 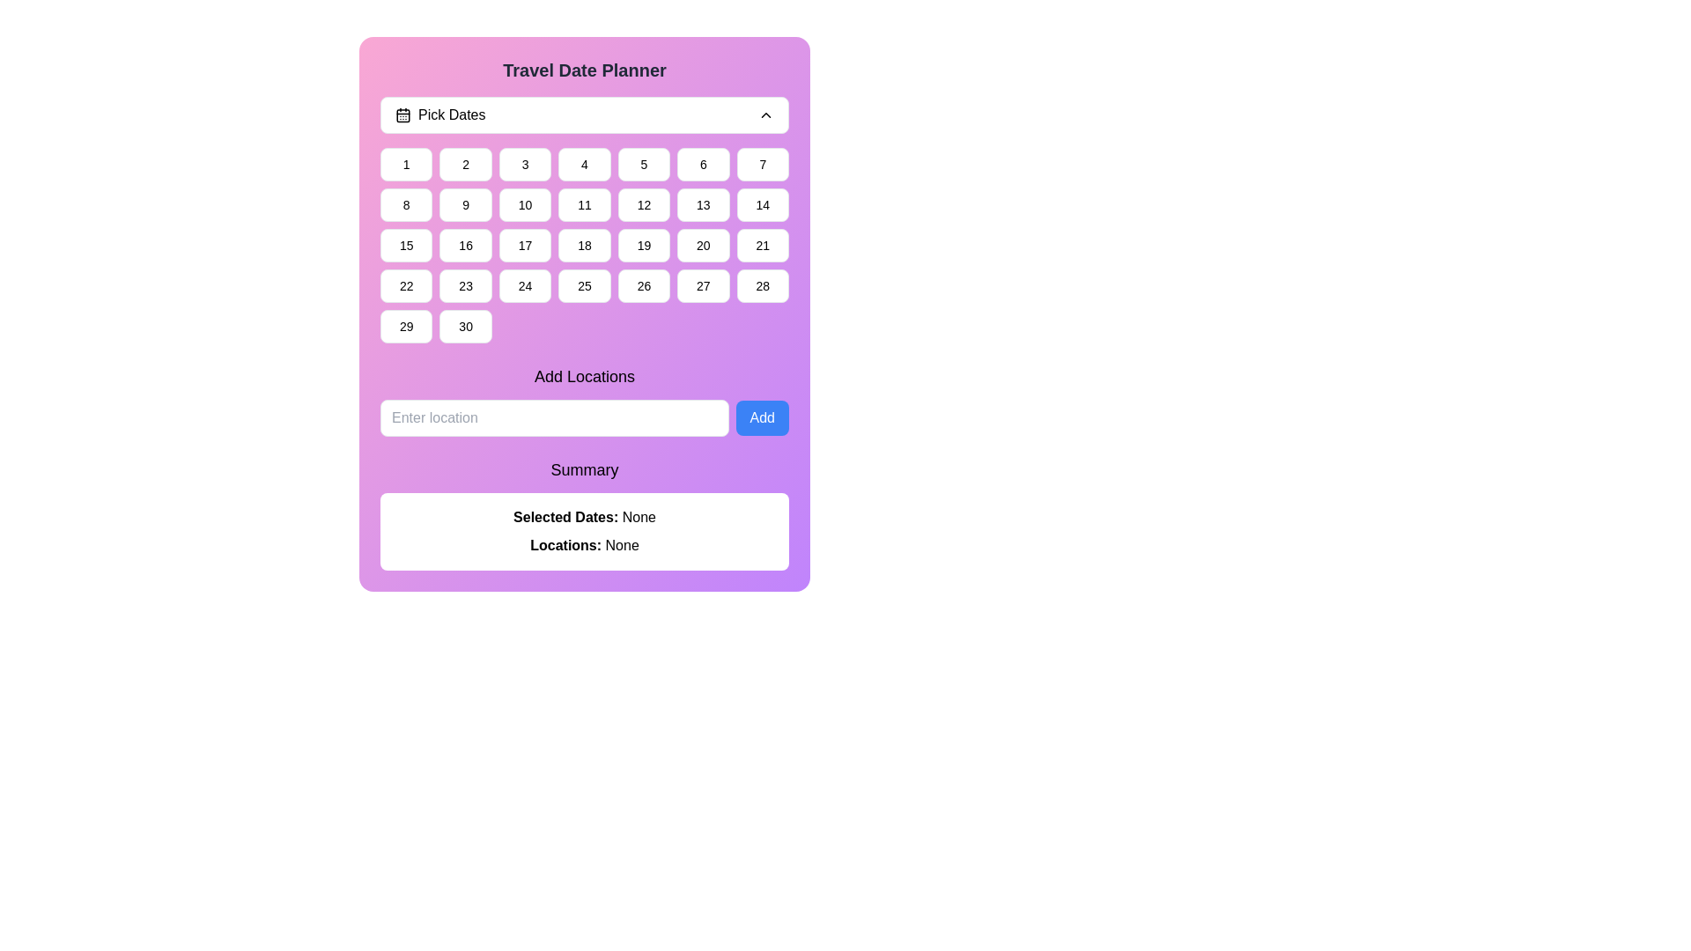 I want to click on the button displaying '21' with a white background and rounded corners, so click(x=763, y=245).